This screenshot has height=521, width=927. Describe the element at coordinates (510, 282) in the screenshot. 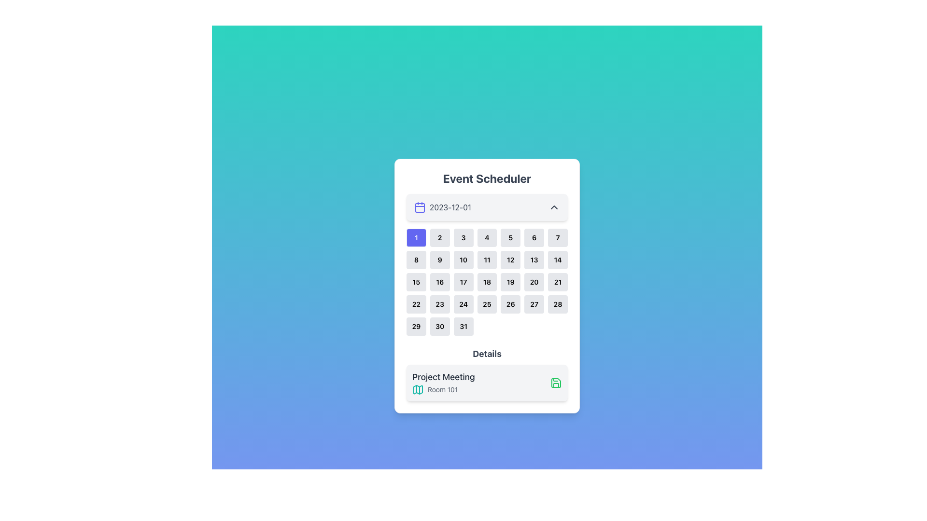

I see `the Interactive calendar tile displaying the number '19'` at that location.